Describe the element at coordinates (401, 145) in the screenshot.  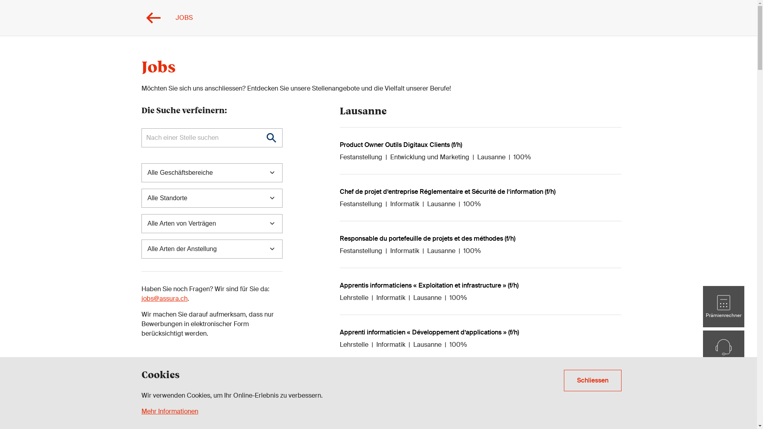
I see `'Product Owner Outils Digitaux Clients (f/h)'` at that location.